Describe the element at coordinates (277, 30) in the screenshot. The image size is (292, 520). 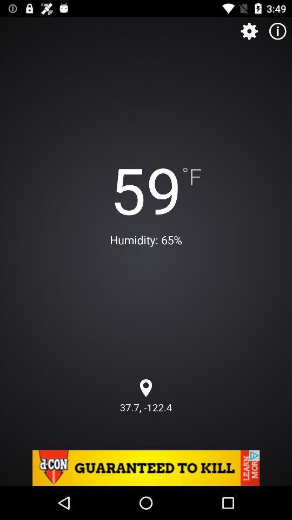
I see `information` at that location.